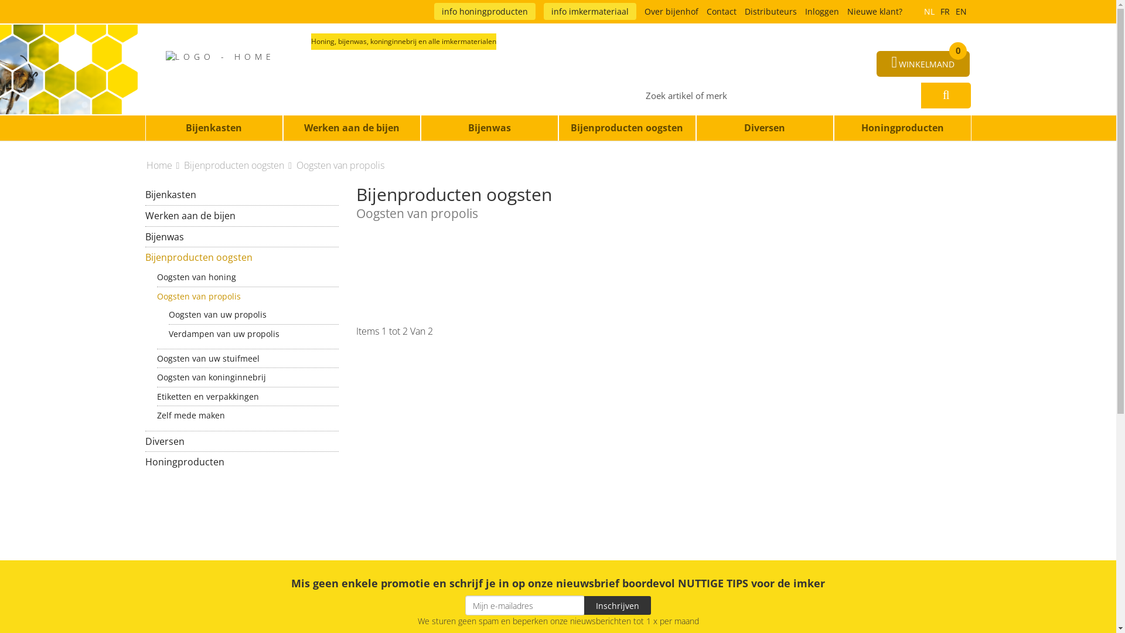 This screenshot has height=633, width=1125. What do you see at coordinates (247, 414) in the screenshot?
I see `'Zelf mede maken'` at bounding box center [247, 414].